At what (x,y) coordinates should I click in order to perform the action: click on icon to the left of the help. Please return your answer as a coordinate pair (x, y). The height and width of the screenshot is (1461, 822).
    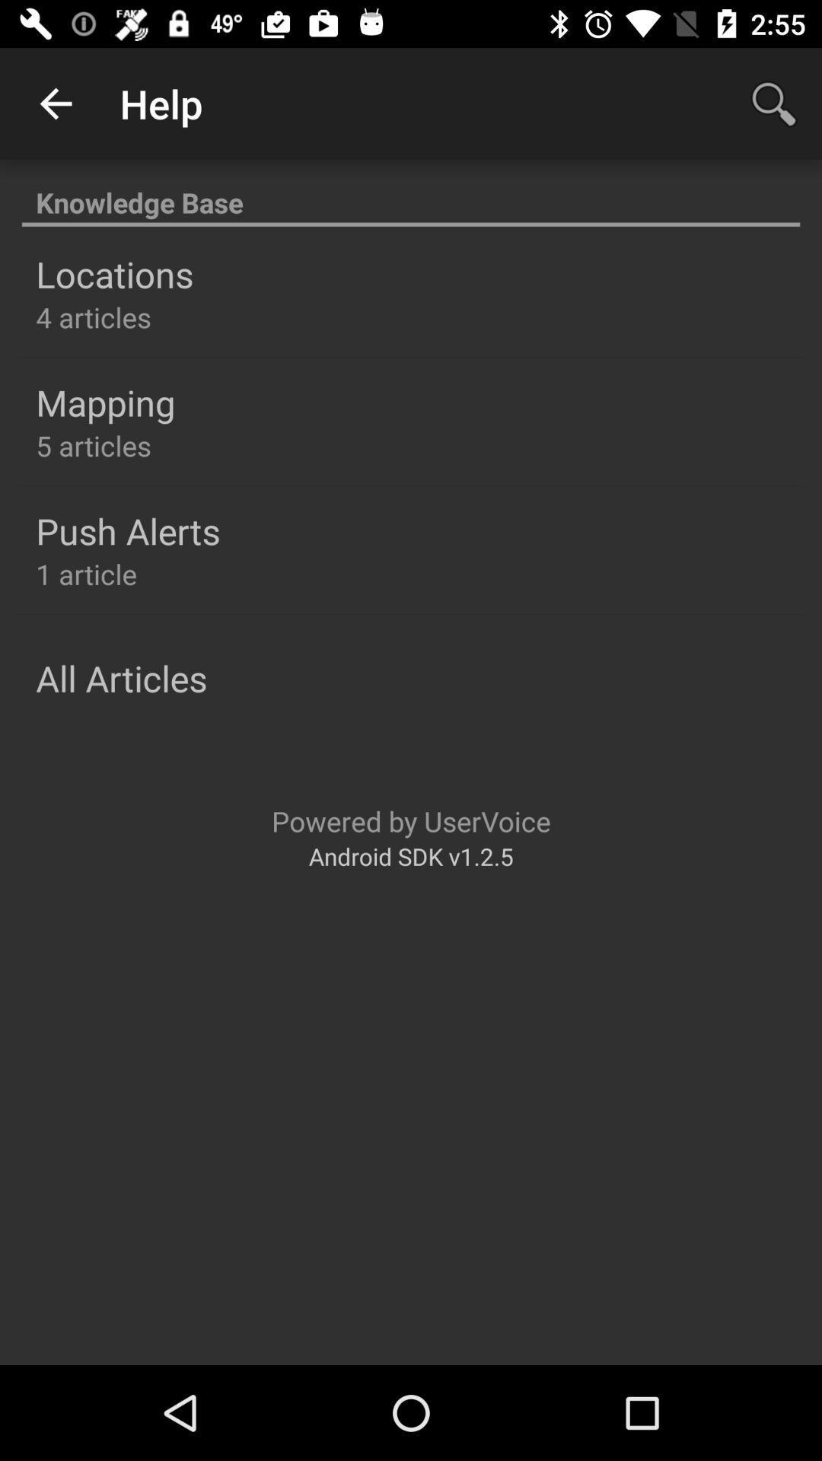
    Looking at the image, I should click on (55, 103).